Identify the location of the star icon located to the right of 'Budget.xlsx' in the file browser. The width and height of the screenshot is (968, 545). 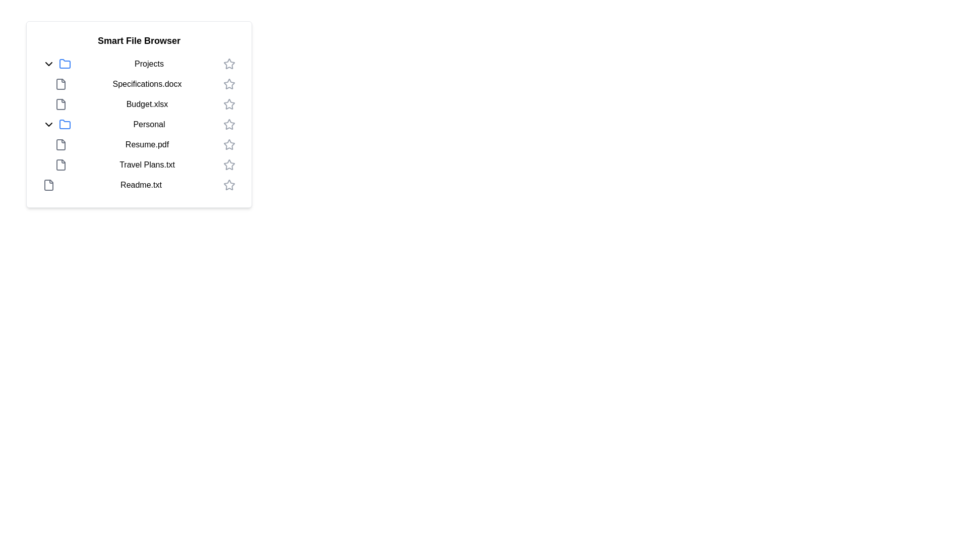
(229, 104).